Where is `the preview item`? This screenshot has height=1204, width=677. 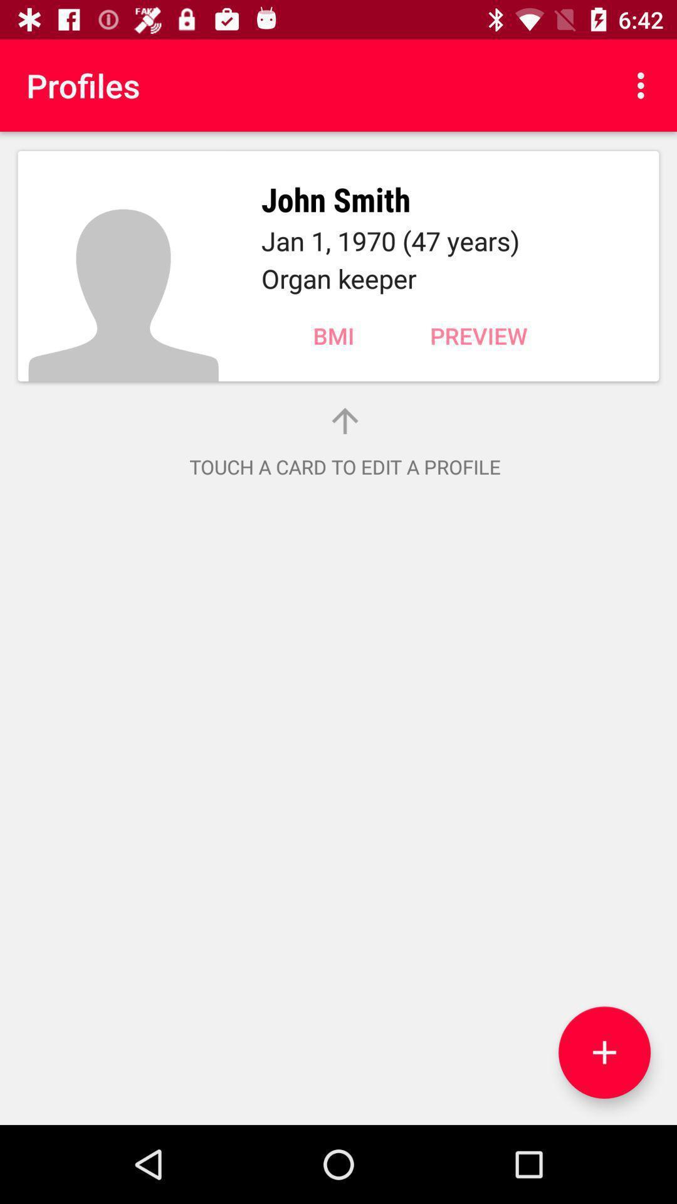 the preview item is located at coordinates (478, 335).